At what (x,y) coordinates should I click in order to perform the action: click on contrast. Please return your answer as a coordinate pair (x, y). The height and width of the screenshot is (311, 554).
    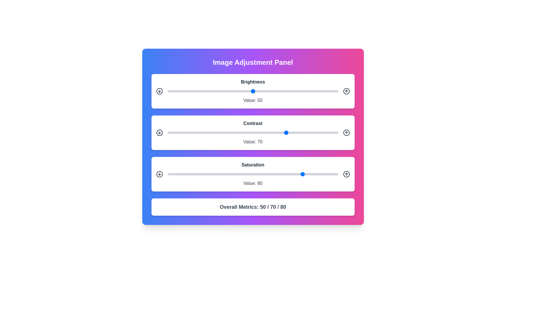
    Looking at the image, I should click on (289, 133).